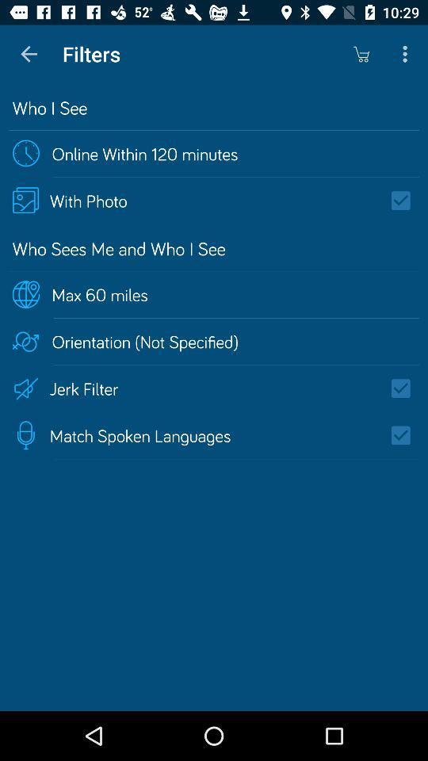 The width and height of the screenshot is (428, 761). Describe the element at coordinates (406, 435) in the screenshot. I see `filter match spoken languages` at that location.